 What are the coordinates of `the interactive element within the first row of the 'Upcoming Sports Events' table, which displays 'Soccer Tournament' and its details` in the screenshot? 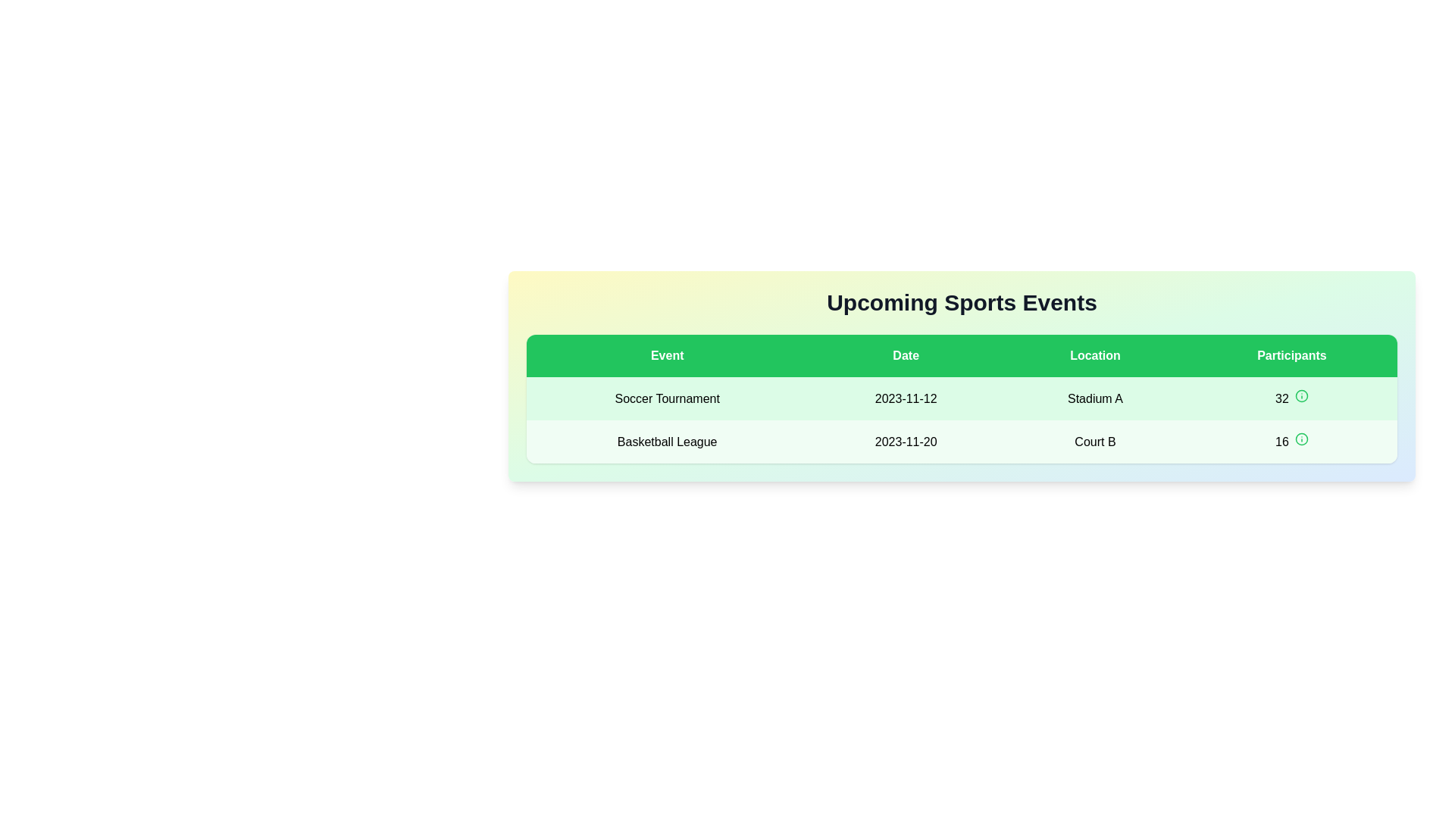 It's located at (961, 398).